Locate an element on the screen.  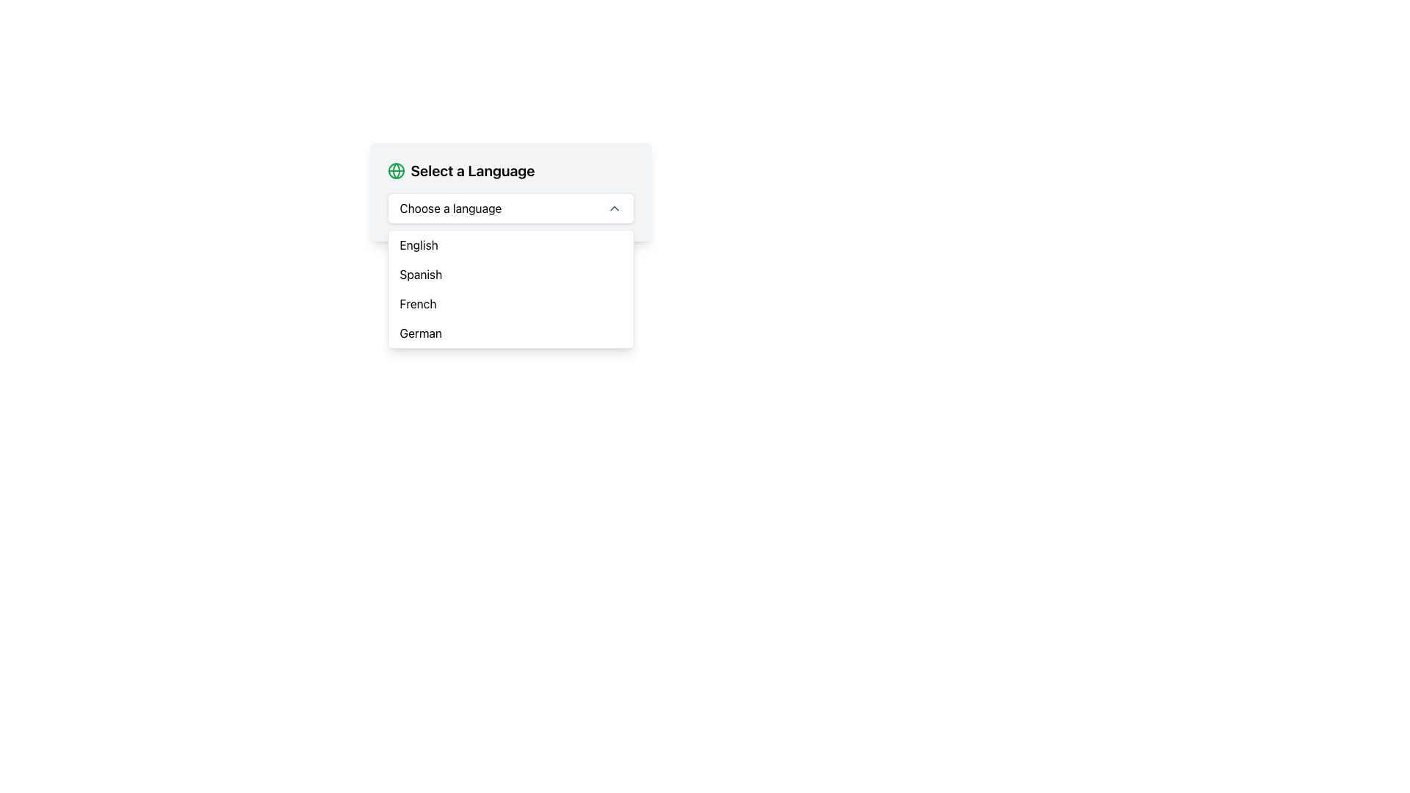
the 'French' language option in the dropdown menu is located at coordinates (417, 303).